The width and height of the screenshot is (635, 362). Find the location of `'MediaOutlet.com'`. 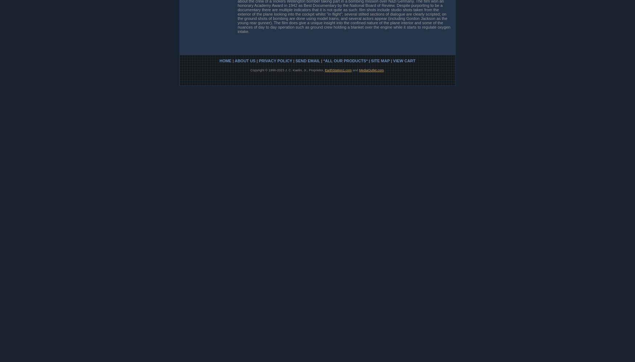

'MediaOutlet.com' is located at coordinates (371, 70).